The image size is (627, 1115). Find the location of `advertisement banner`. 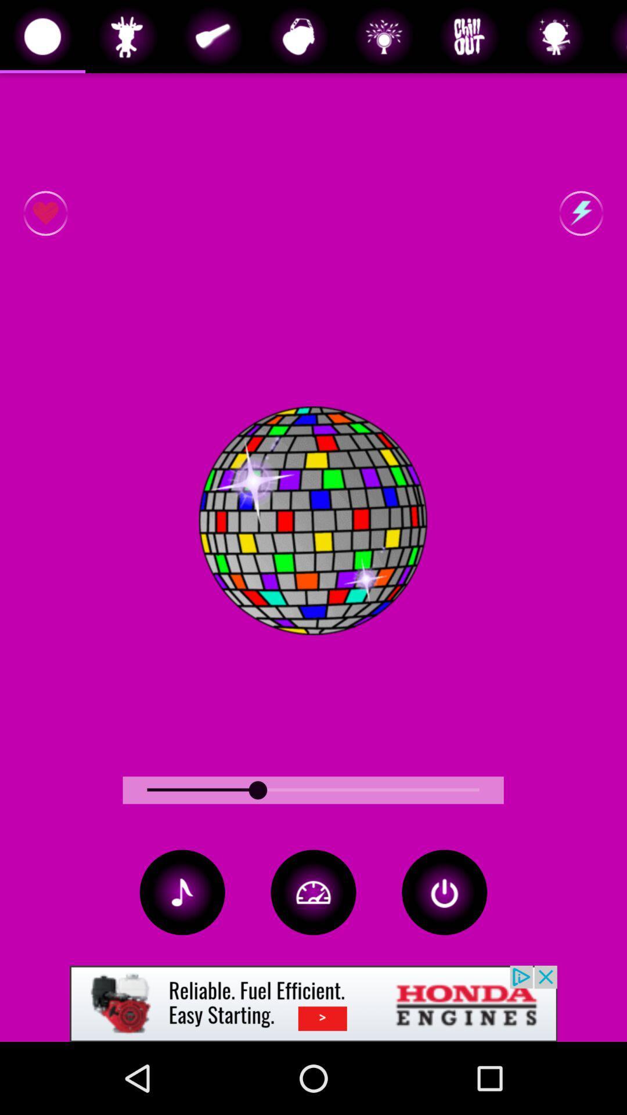

advertisement banner is located at coordinates (313, 1003).